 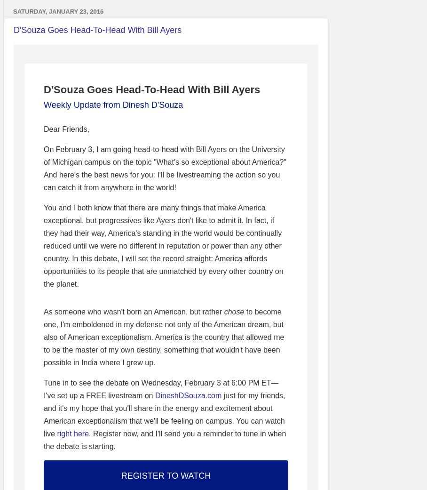 I want to click on 'just for my friends, and it's my hope that you'll share in the energy and excitement about American exceptionalism that we'll be feeling on campus. You can watch live', so click(x=164, y=414).